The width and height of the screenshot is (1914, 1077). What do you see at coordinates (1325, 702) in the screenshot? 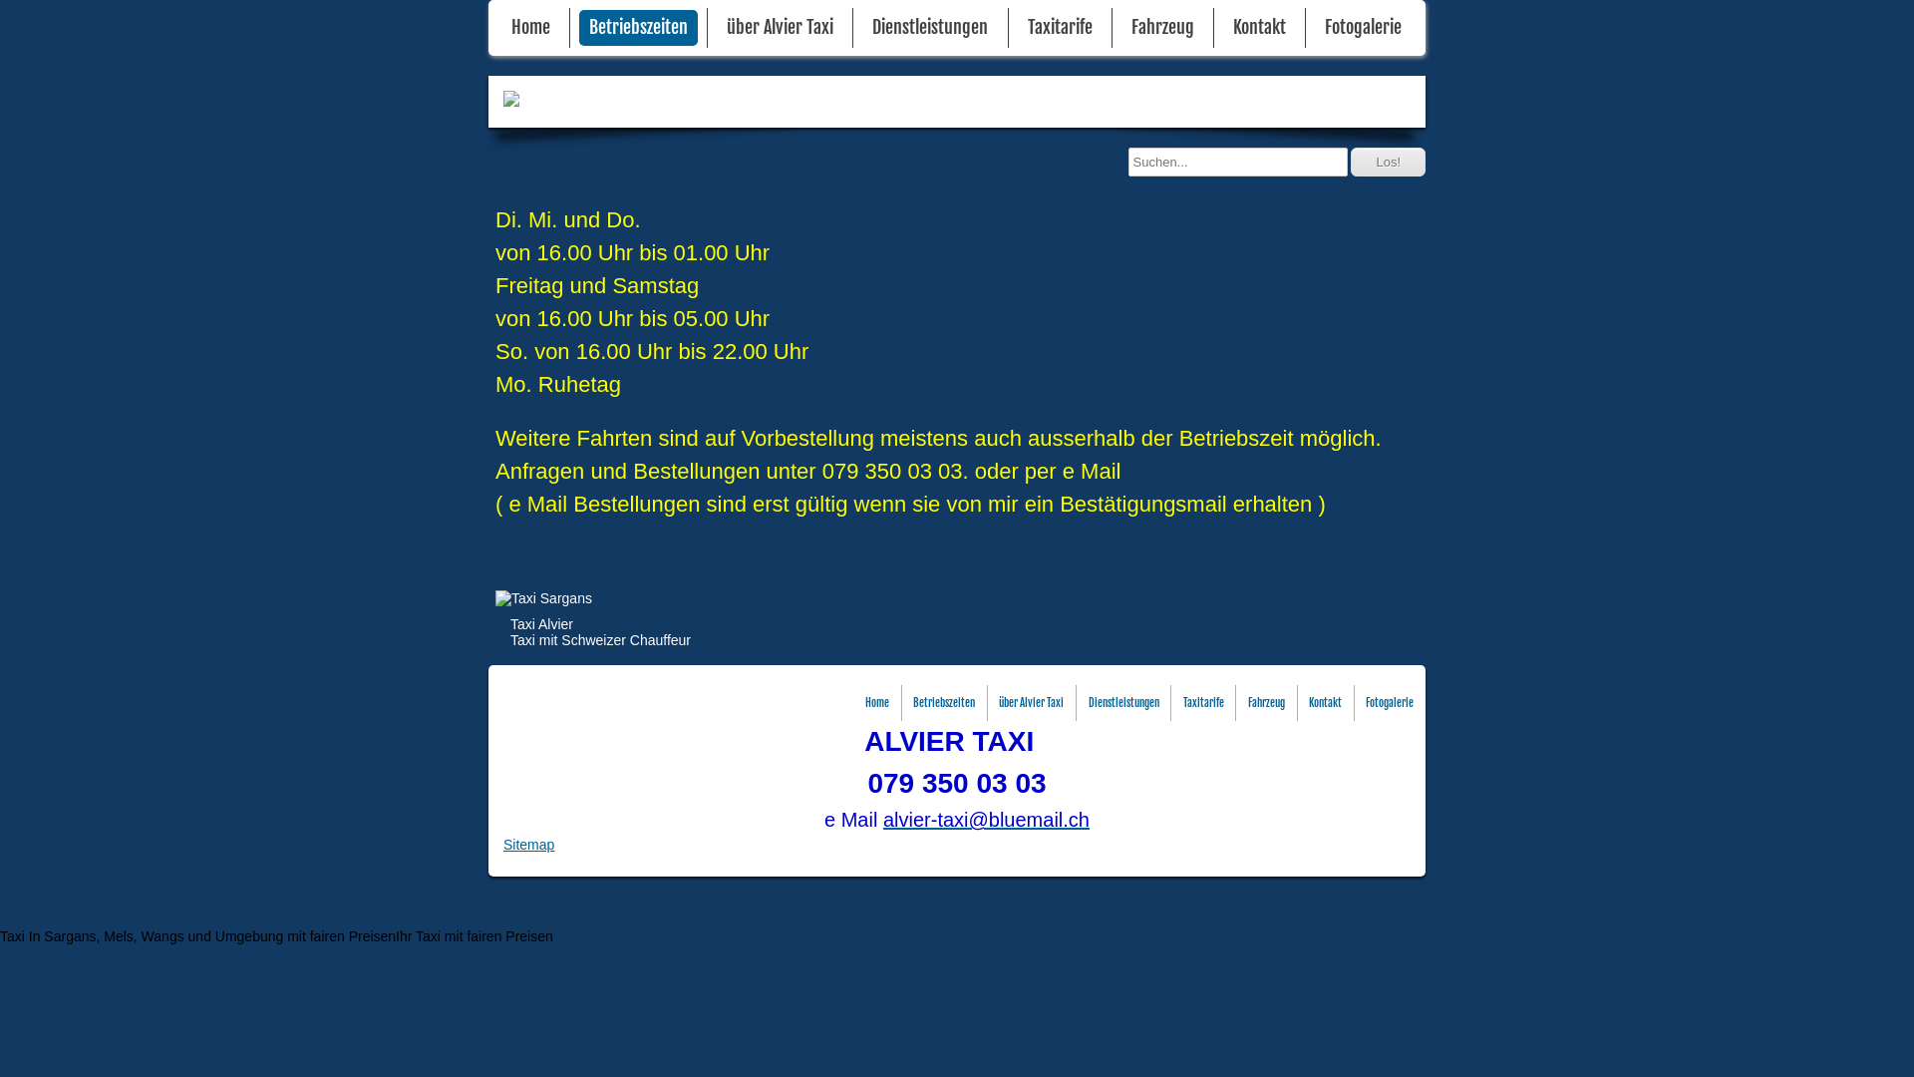
I see `'Kontakt'` at bounding box center [1325, 702].